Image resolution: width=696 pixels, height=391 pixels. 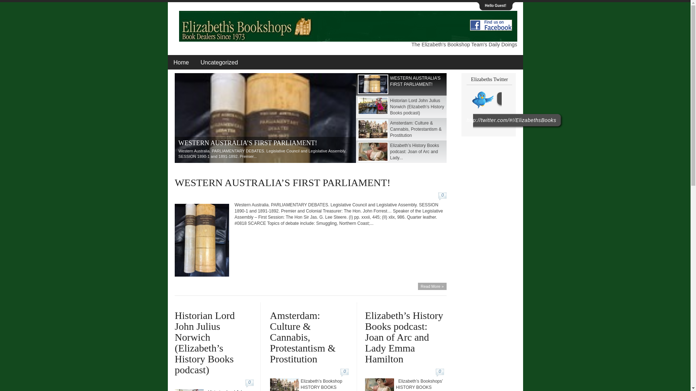 What do you see at coordinates (495, 5) in the screenshot?
I see `'Hello Guest!'` at bounding box center [495, 5].